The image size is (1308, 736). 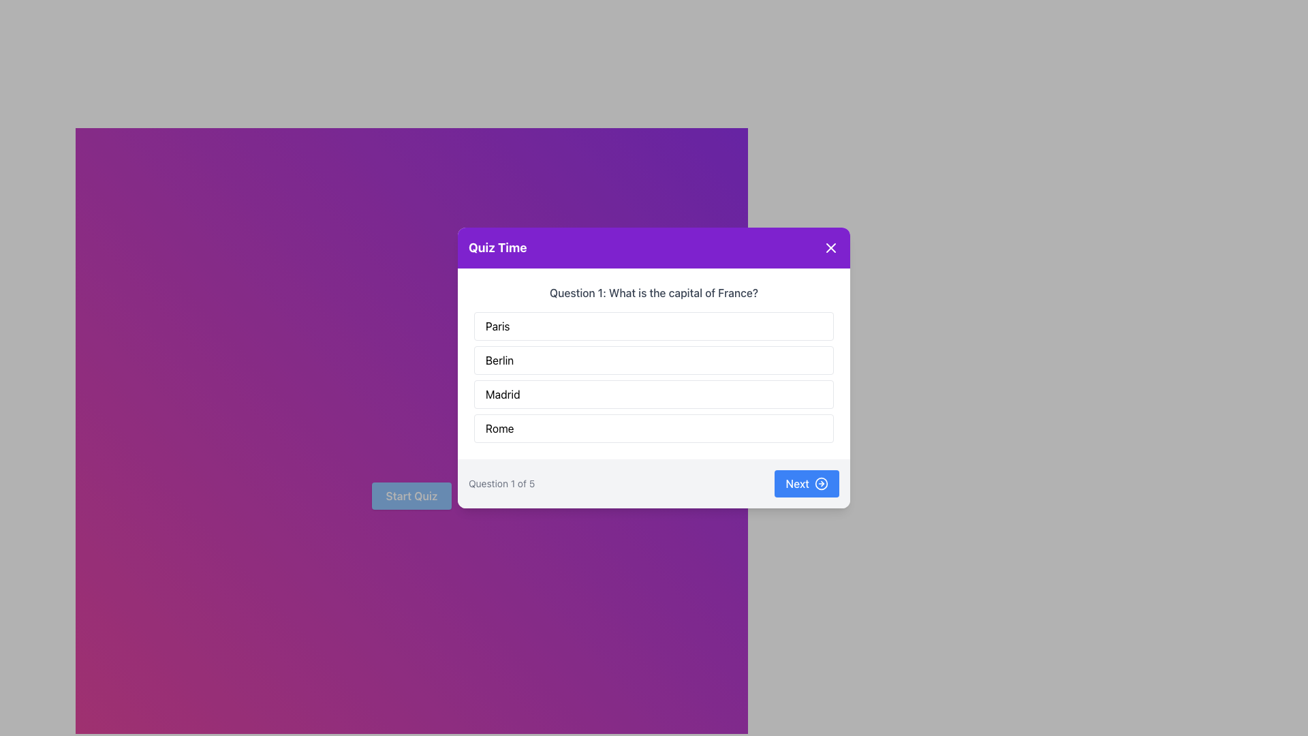 What do you see at coordinates (654, 359) in the screenshot?
I see `the button labeled 'Berlin' in the quiz dialog box titled 'Quiz Time'` at bounding box center [654, 359].